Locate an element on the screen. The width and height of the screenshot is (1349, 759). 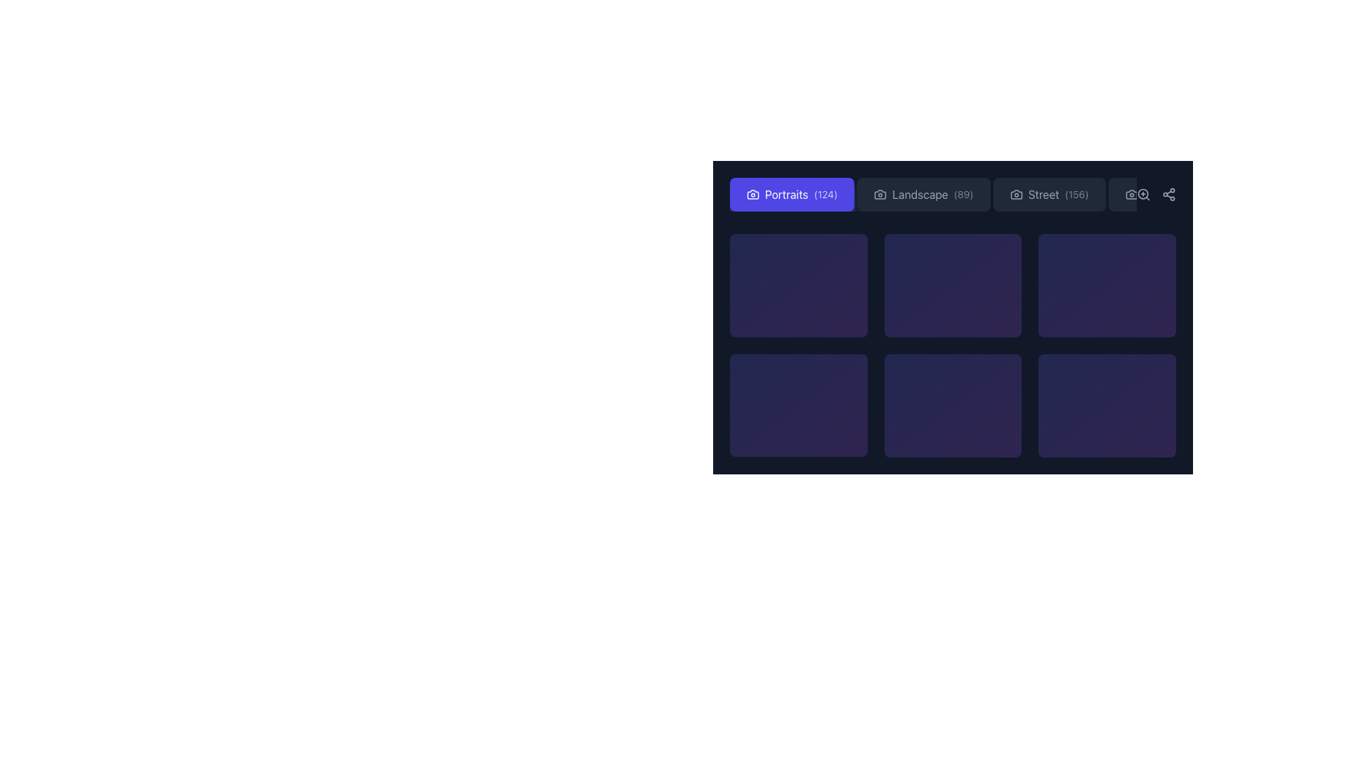
the text label displaying '(156)', which is located to the right of 'Street' in the navigation menu is located at coordinates (1076, 195).